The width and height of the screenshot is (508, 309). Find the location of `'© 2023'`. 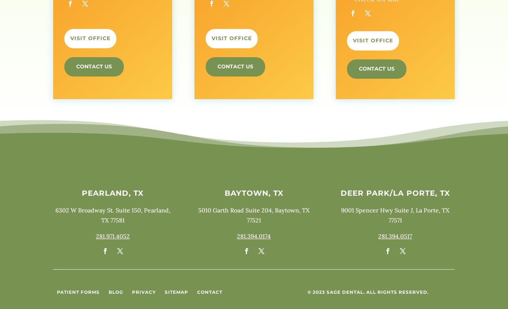

'© 2023' is located at coordinates (316, 292).